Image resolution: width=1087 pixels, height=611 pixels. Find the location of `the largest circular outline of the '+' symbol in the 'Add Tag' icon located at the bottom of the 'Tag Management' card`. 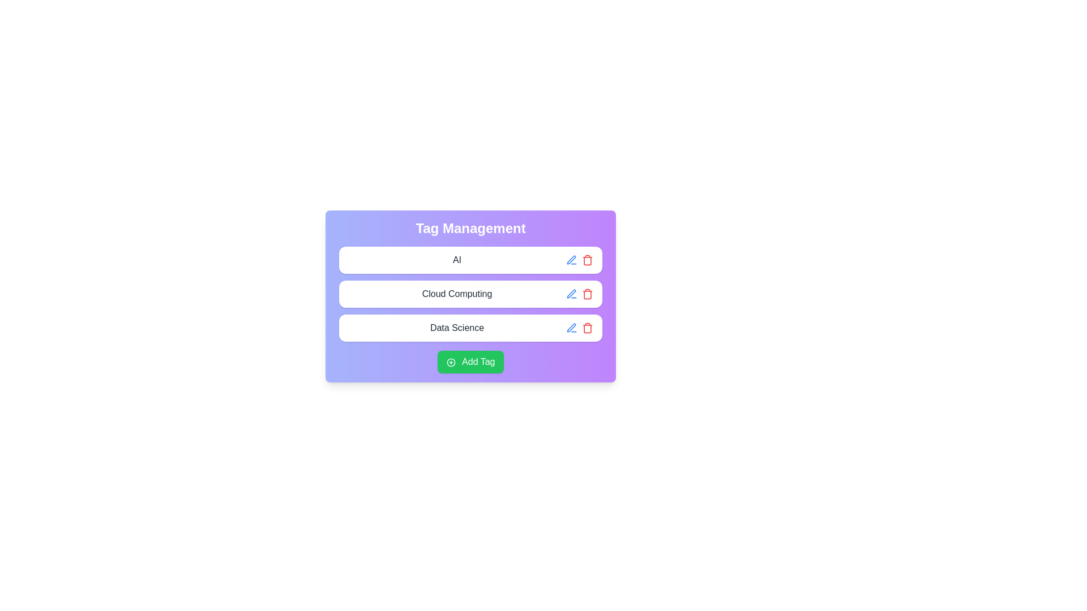

the largest circular outline of the '+' symbol in the 'Add Tag' icon located at the bottom of the 'Tag Management' card is located at coordinates (450, 362).